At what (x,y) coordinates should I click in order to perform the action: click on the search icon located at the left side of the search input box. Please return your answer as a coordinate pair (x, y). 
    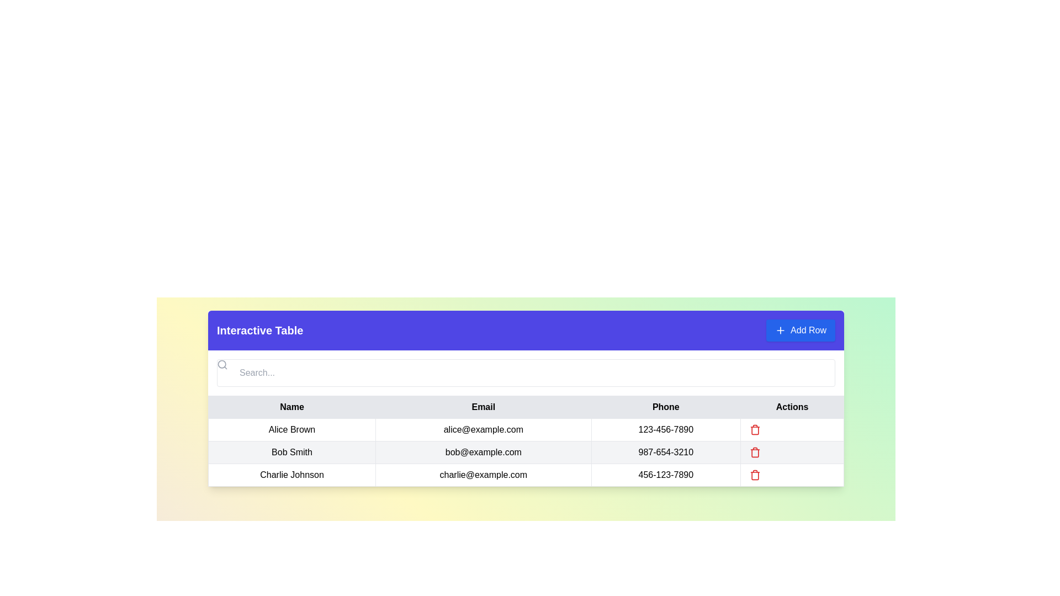
    Looking at the image, I should click on (222, 364).